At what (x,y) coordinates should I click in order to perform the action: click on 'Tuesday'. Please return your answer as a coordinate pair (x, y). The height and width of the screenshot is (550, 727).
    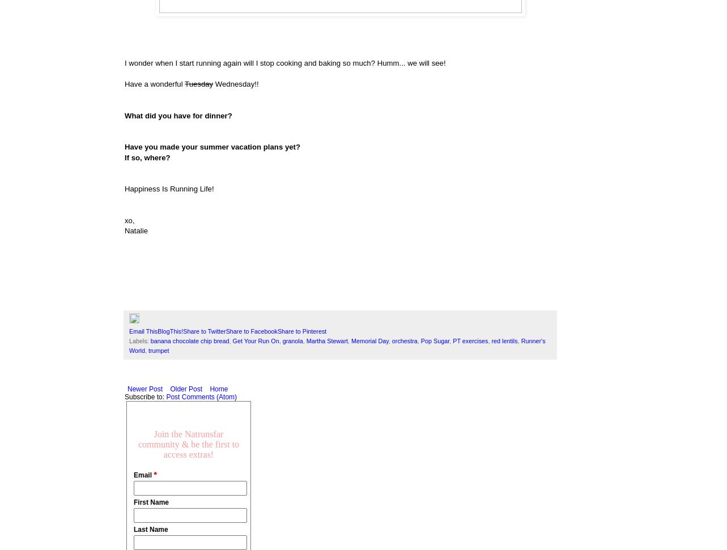
    Looking at the image, I should click on (199, 84).